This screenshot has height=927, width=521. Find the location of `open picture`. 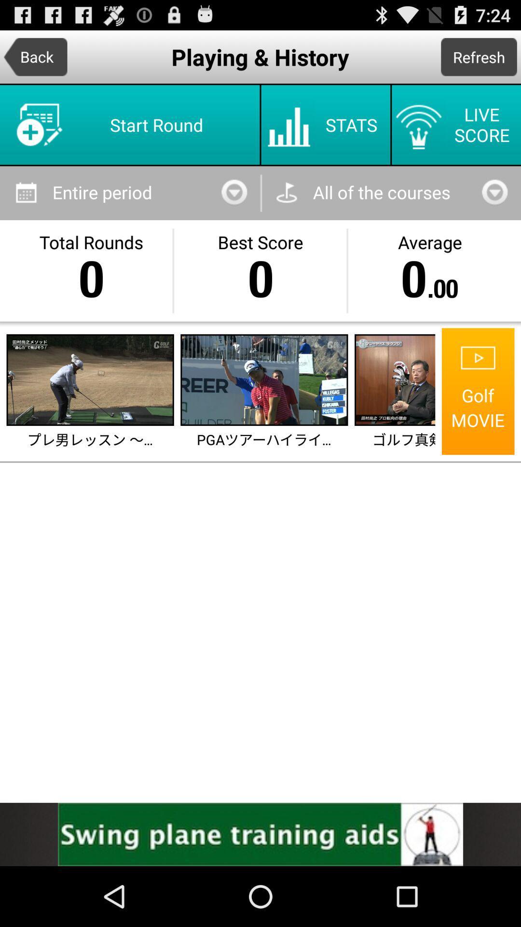

open picture is located at coordinates (90, 379).